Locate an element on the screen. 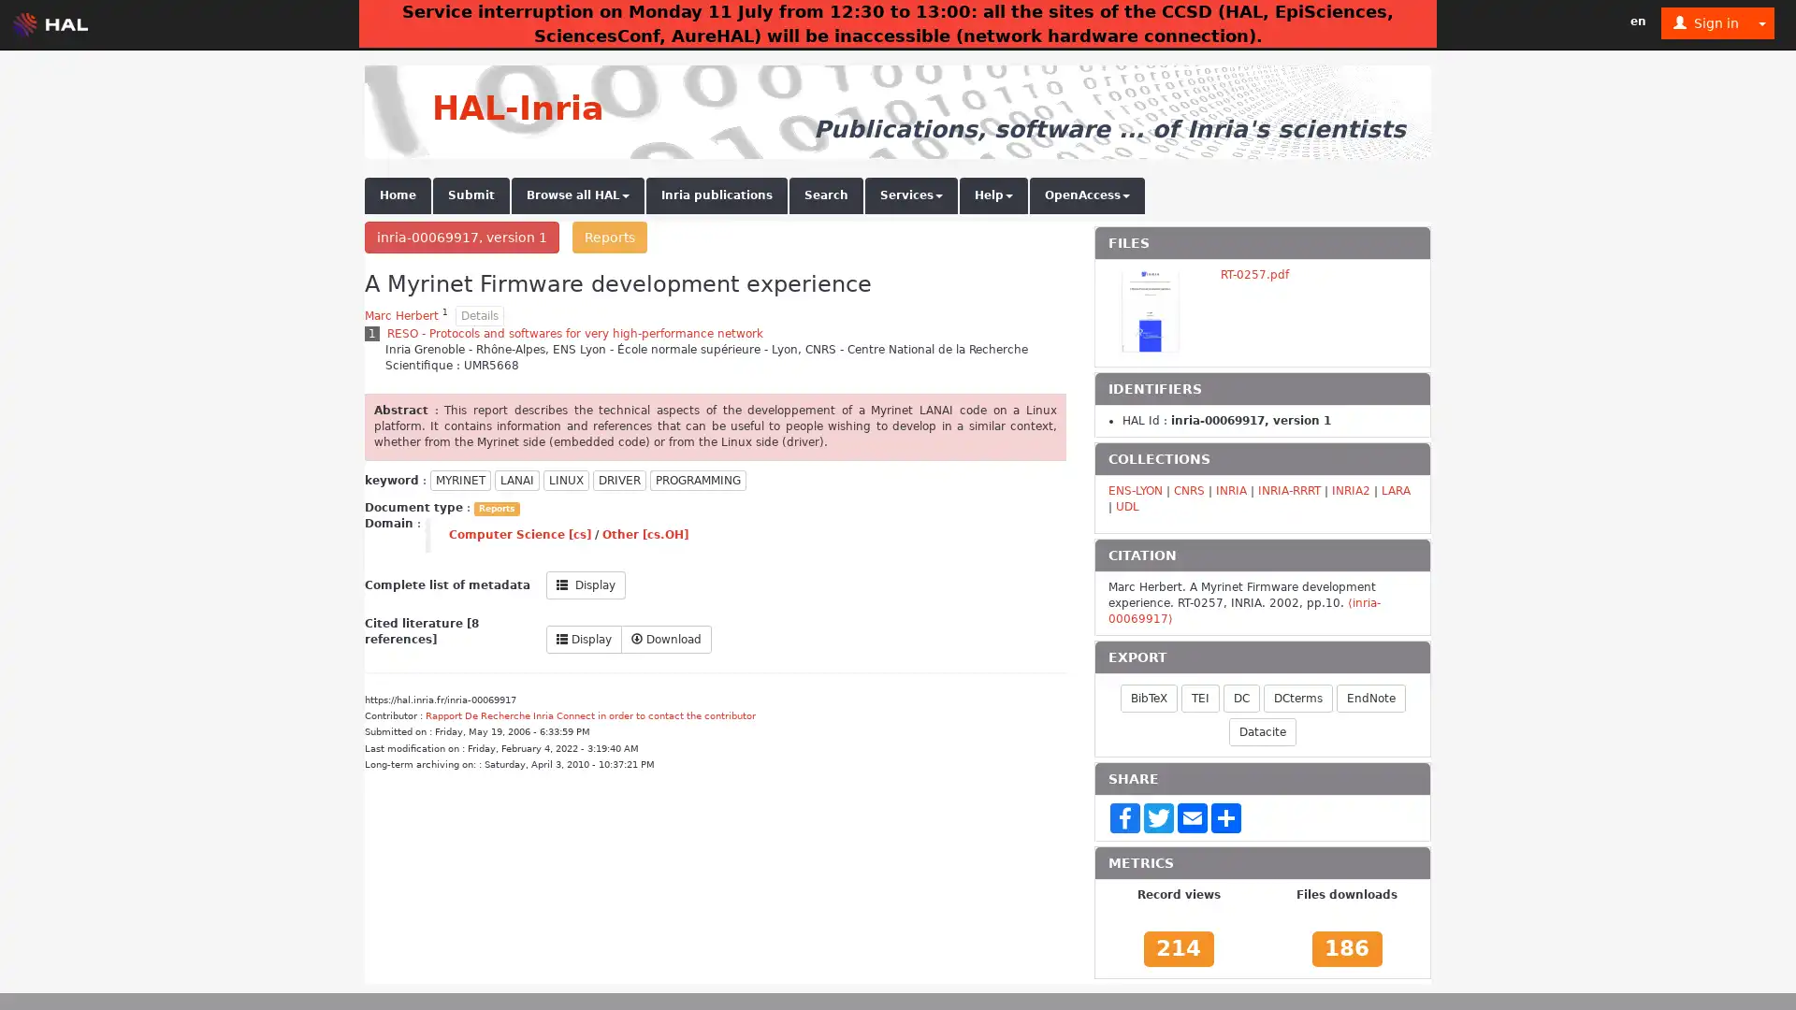 This screenshot has width=1796, height=1010. DCterms is located at coordinates (1296, 697).